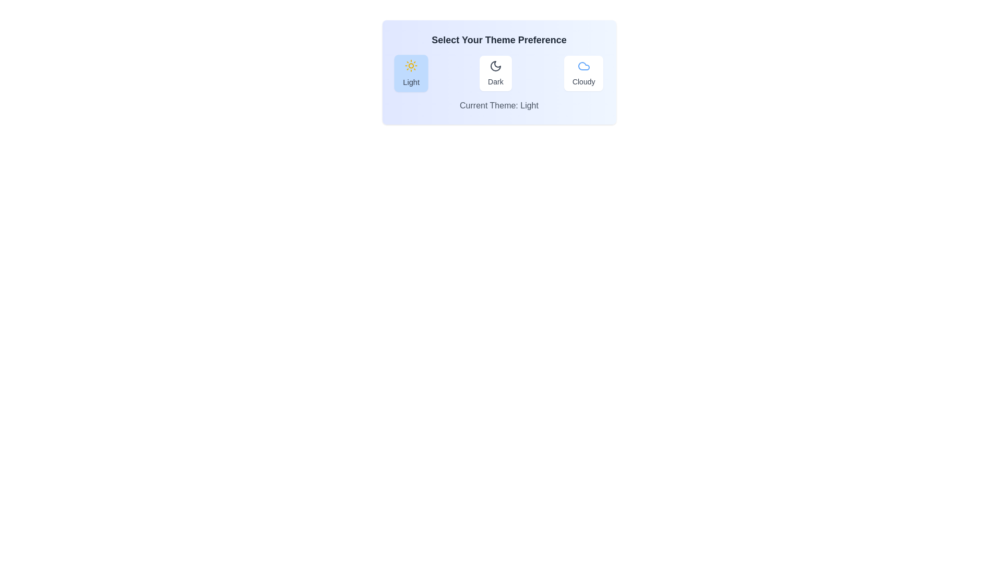  I want to click on the Cloudy button to observe its hover effect, so click(583, 73).